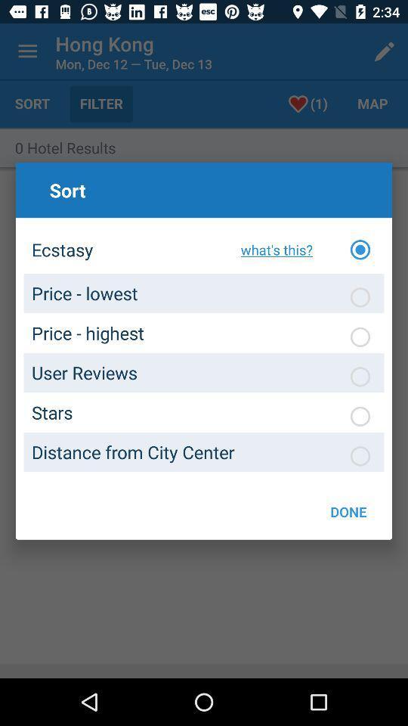  Describe the element at coordinates (359, 455) in the screenshot. I see `option` at that location.